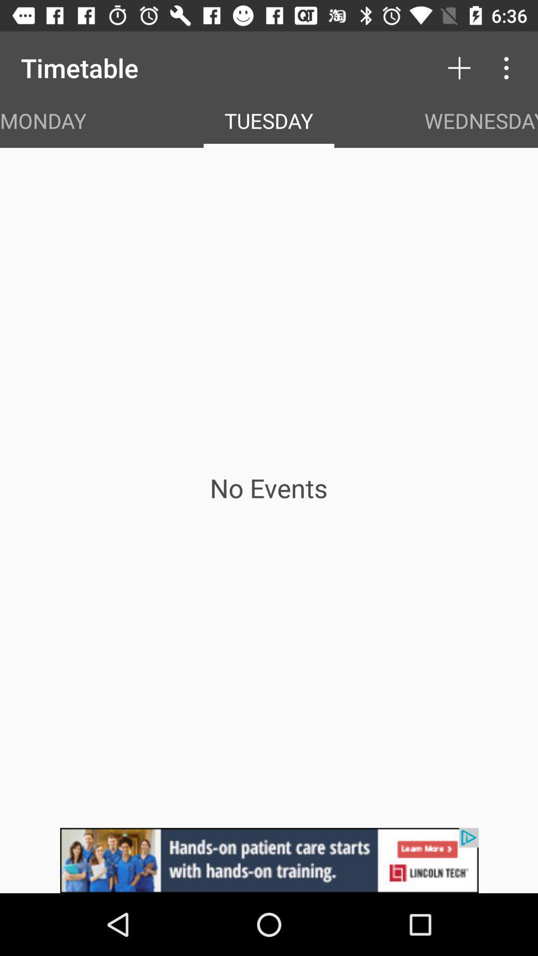 This screenshot has width=538, height=956. What do you see at coordinates (269, 860) in the screenshot?
I see `advertisement for lincoln tech` at bounding box center [269, 860].